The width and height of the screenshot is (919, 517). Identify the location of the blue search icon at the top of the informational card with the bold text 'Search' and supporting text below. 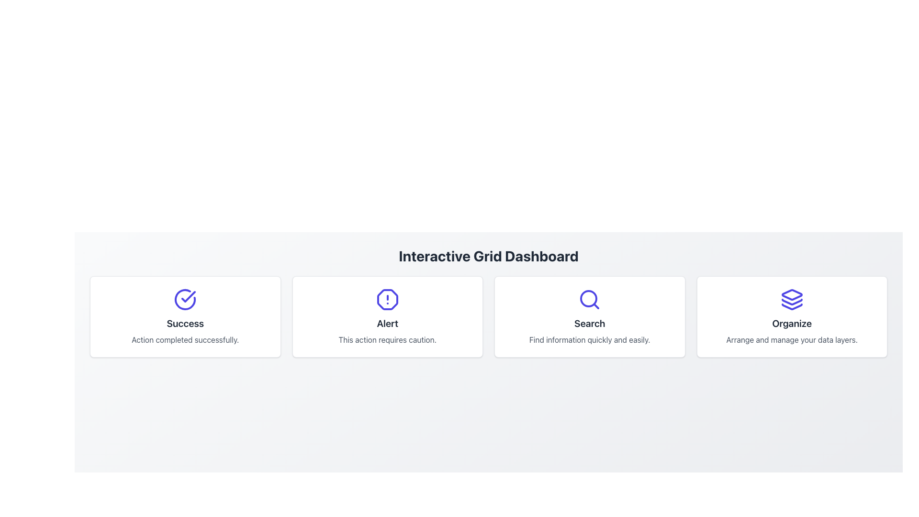
(589, 317).